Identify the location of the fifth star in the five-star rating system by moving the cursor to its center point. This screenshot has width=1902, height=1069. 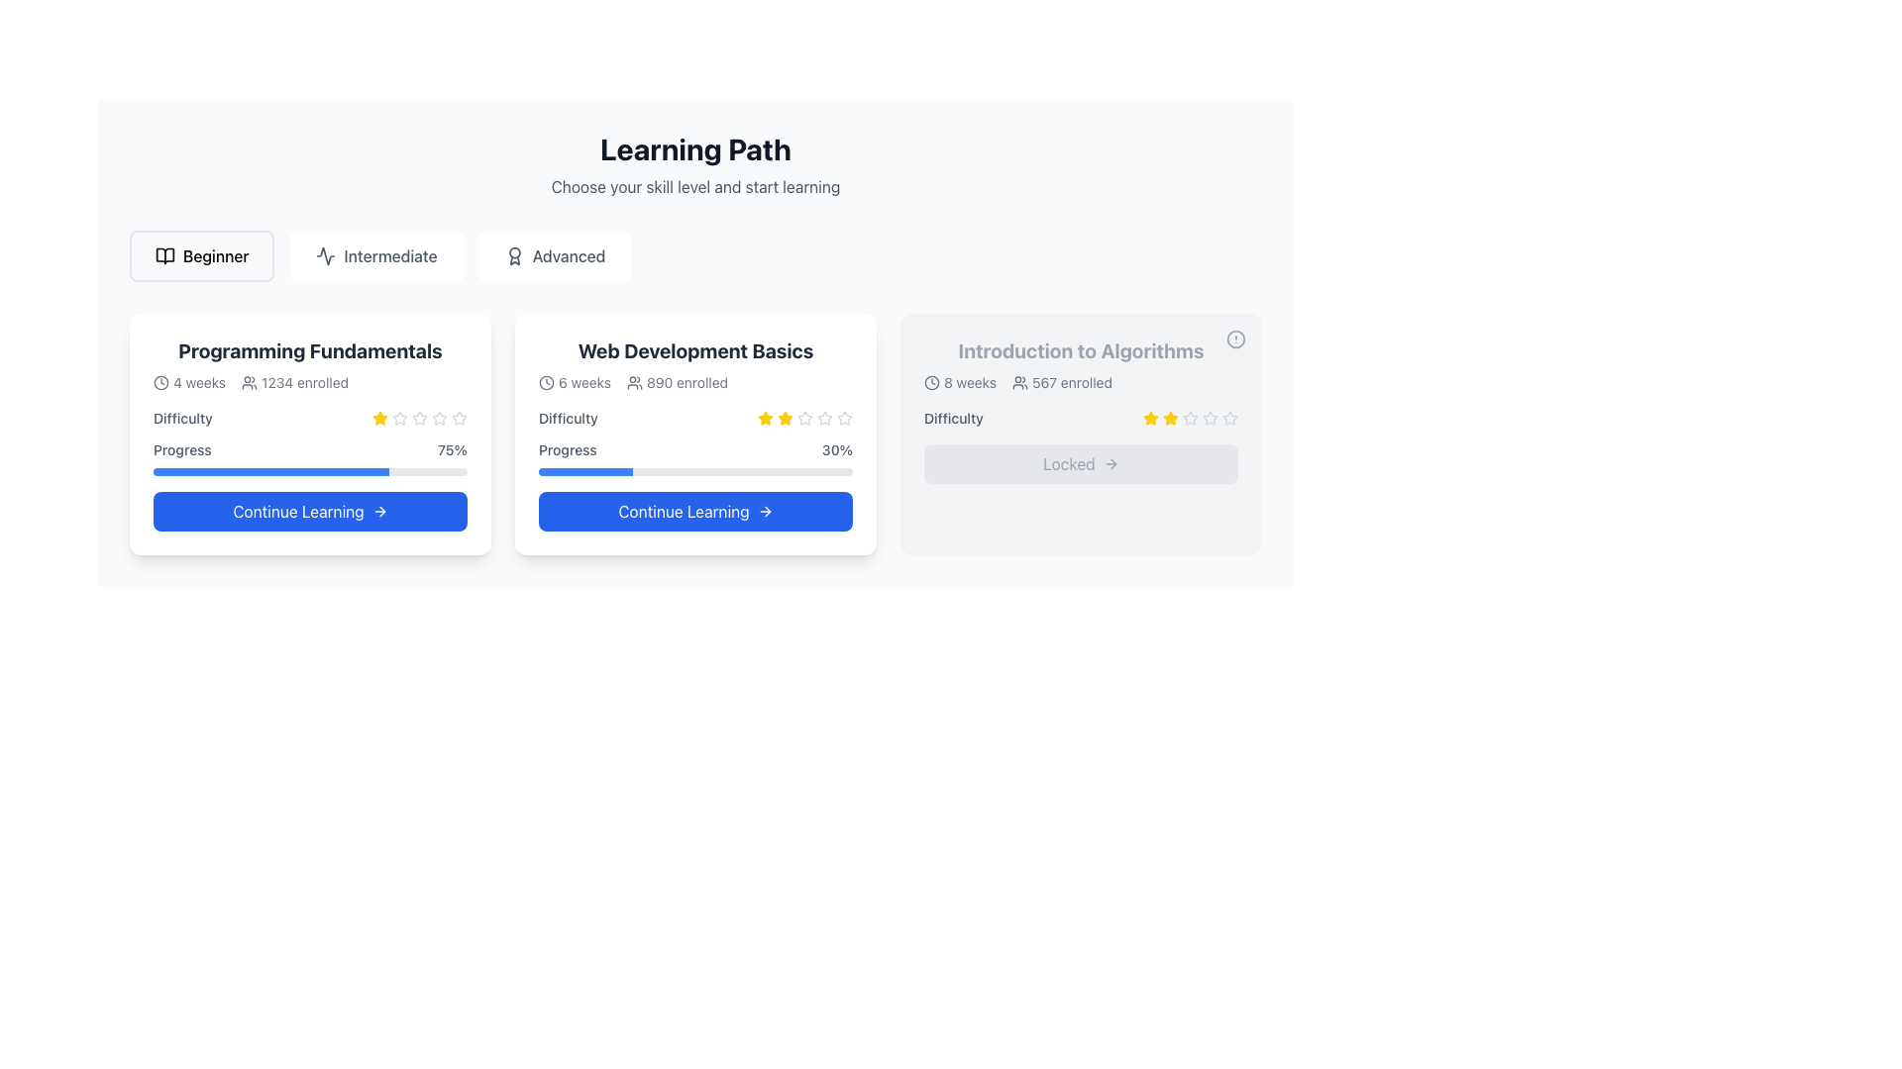
(439, 418).